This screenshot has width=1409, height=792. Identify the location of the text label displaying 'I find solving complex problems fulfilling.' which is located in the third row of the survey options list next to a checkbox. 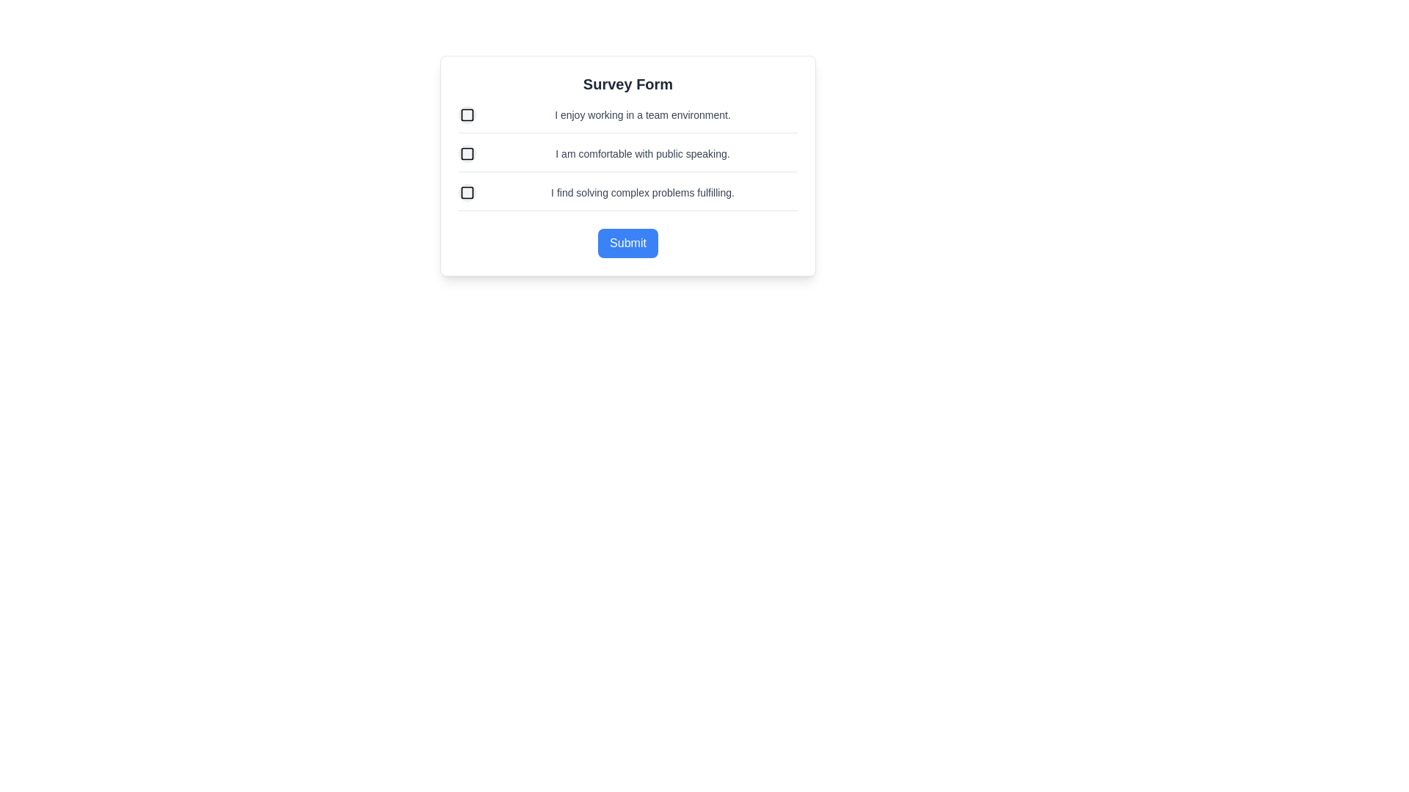
(642, 191).